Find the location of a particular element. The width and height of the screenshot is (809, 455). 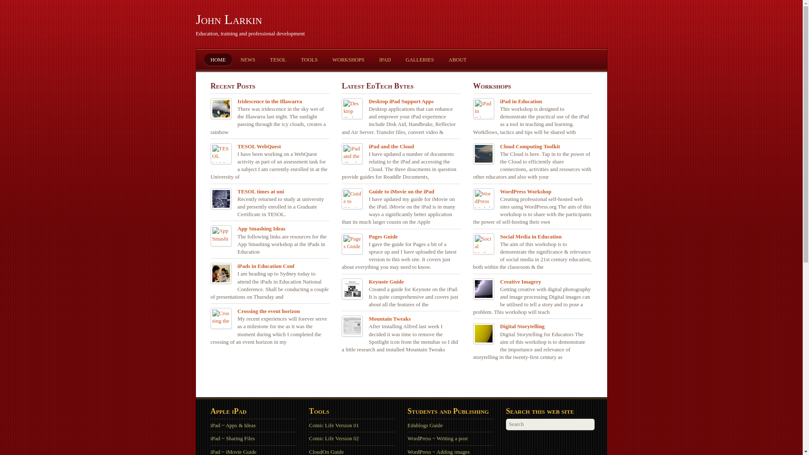

'iPad in Education' is located at coordinates (521, 101).